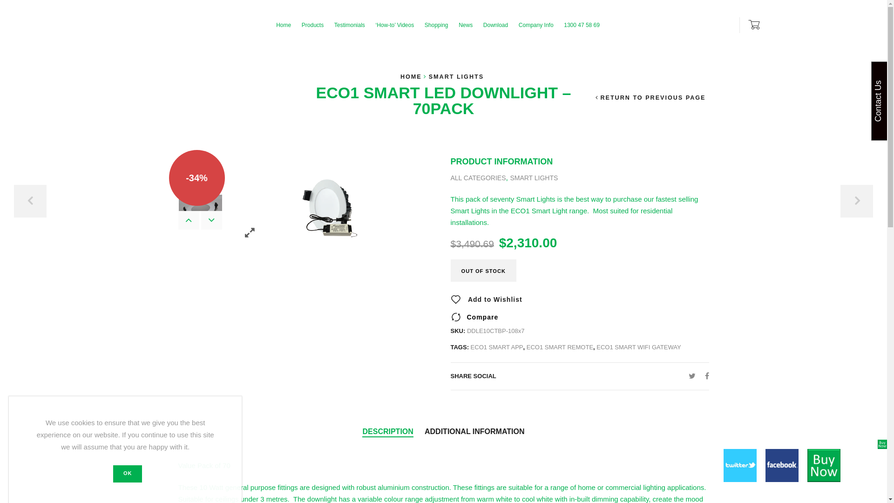 The image size is (894, 503). What do you see at coordinates (596, 347) in the screenshot?
I see `'ECO1 SMART WIFI GATEWAY'` at bounding box center [596, 347].